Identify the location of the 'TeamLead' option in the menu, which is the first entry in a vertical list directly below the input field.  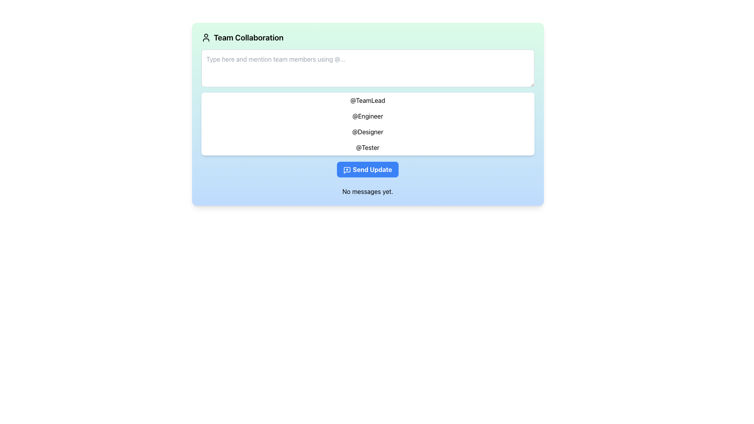
(367, 100).